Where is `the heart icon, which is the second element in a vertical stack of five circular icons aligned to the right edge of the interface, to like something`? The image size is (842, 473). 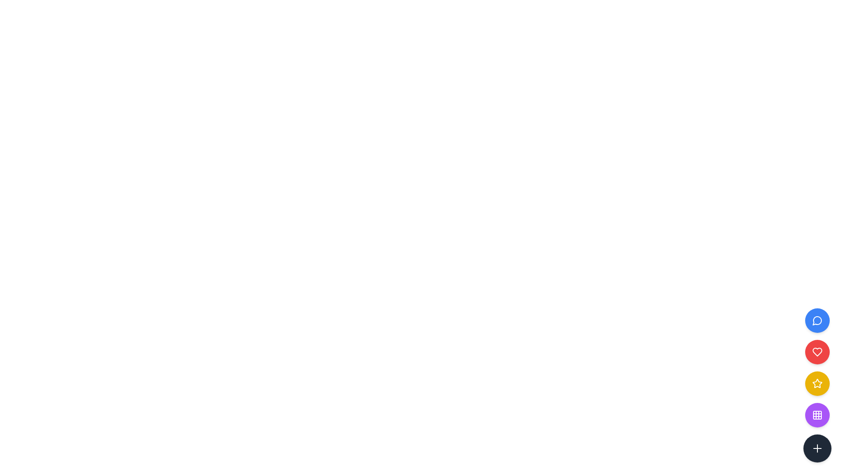
the heart icon, which is the second element in a vertical stack of five circular icons aligned to the right edge of the interface, to like something is located at coordinates (817, 351).